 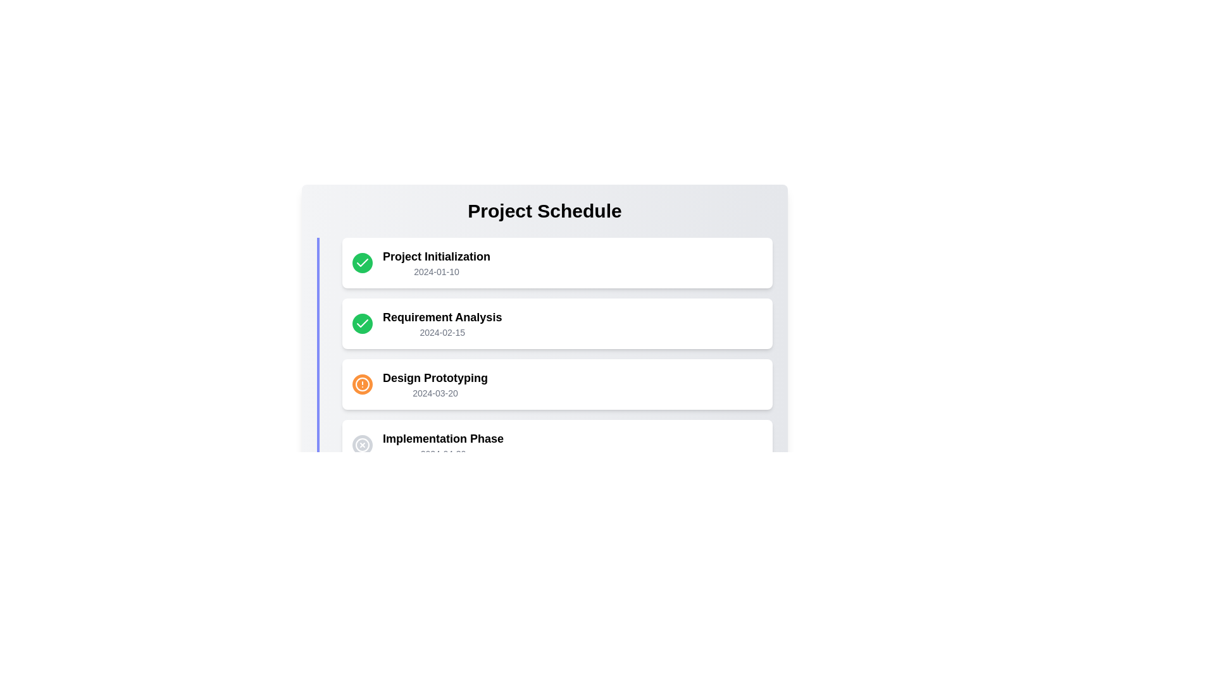 I want to click on the checkmark icon displayed in a green circle background next to the text 'Project Initialization' in the project schedule section, so click(x=361, y=323).